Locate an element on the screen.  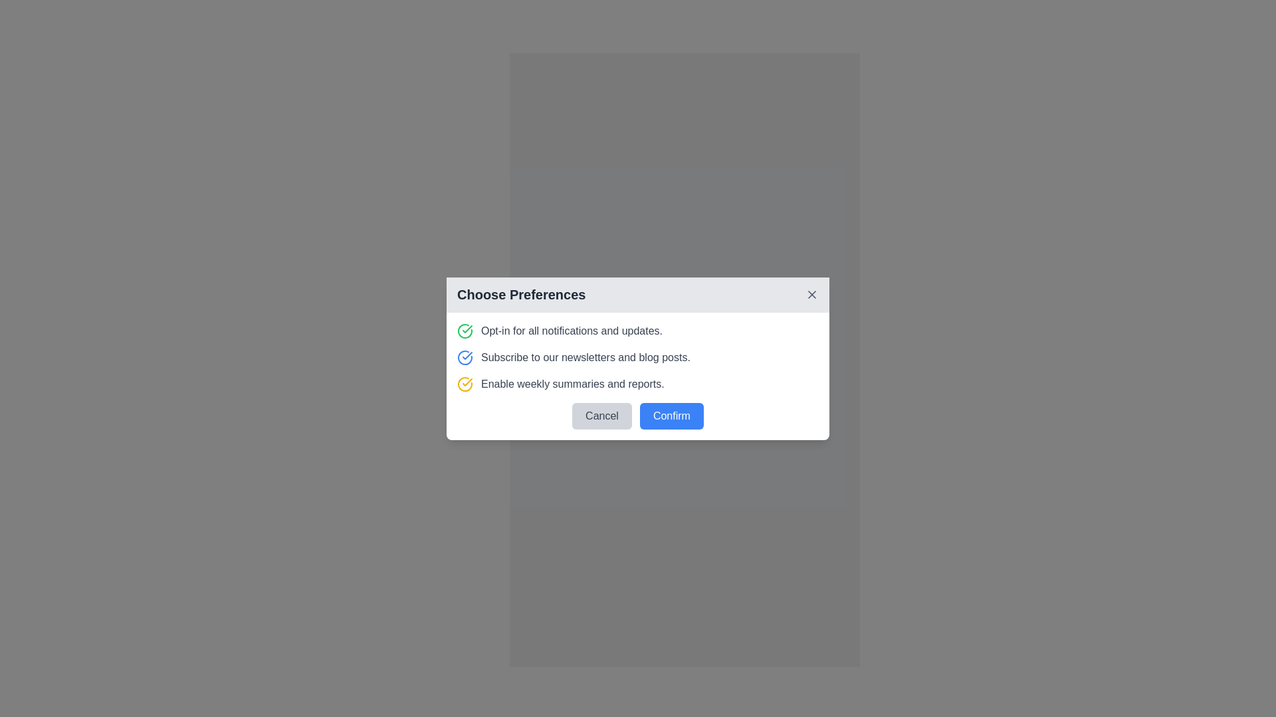
the close button icon located at the top-right corner of the 'Choose Preferences' dialog box is located at coordinates (811, 293).